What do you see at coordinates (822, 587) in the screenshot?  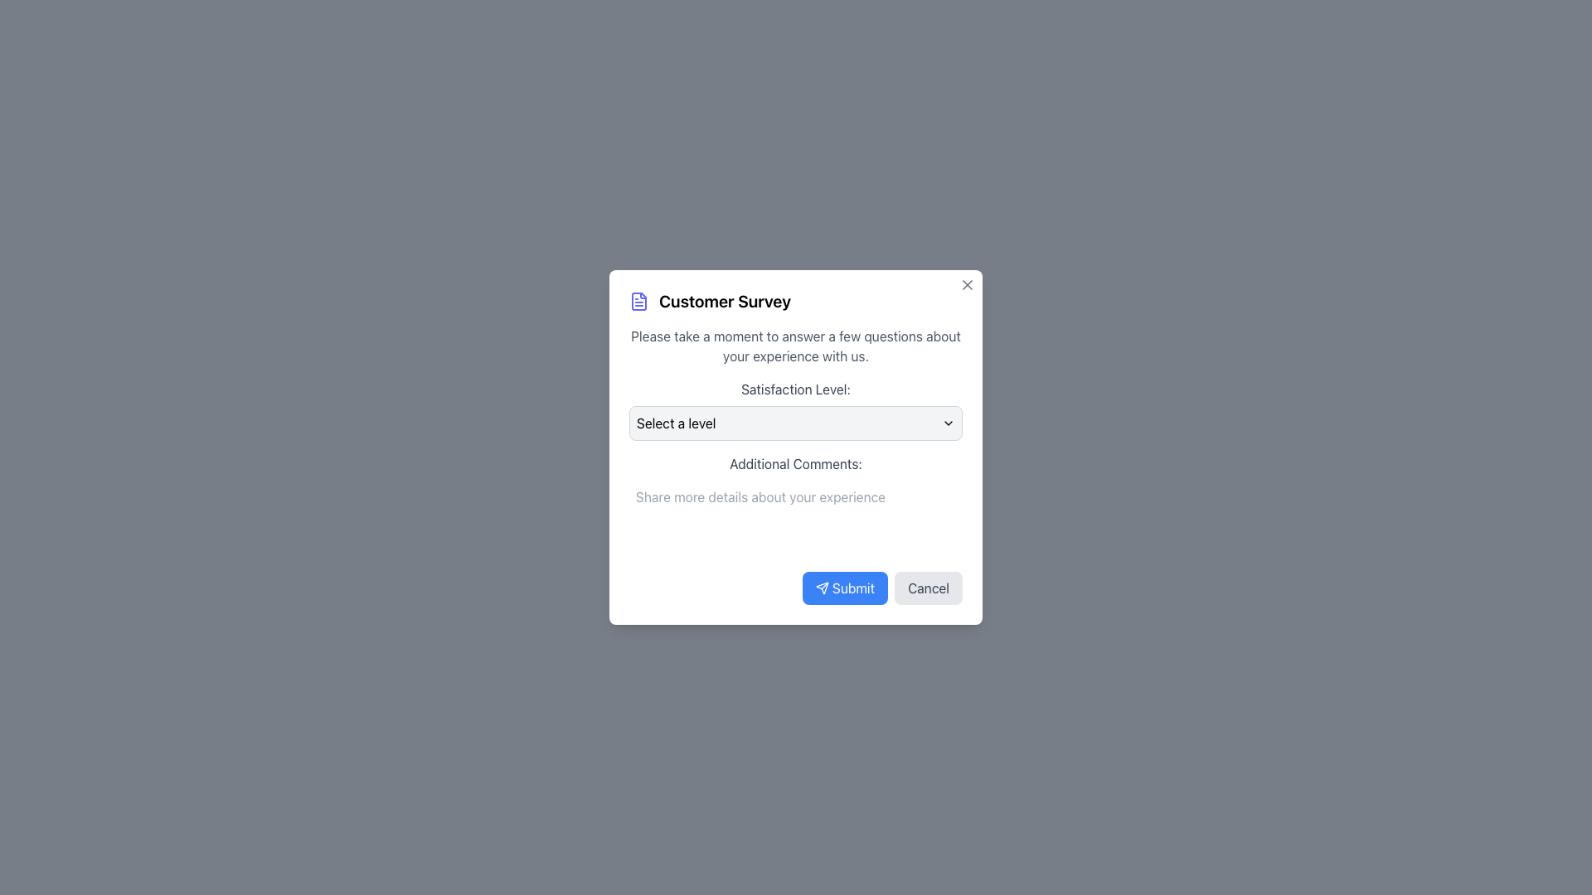 I see `the 'Submit' button which contains a small icon resembling an arrow or paper plane, located to the left of the text` at bounding box center [822, 587].